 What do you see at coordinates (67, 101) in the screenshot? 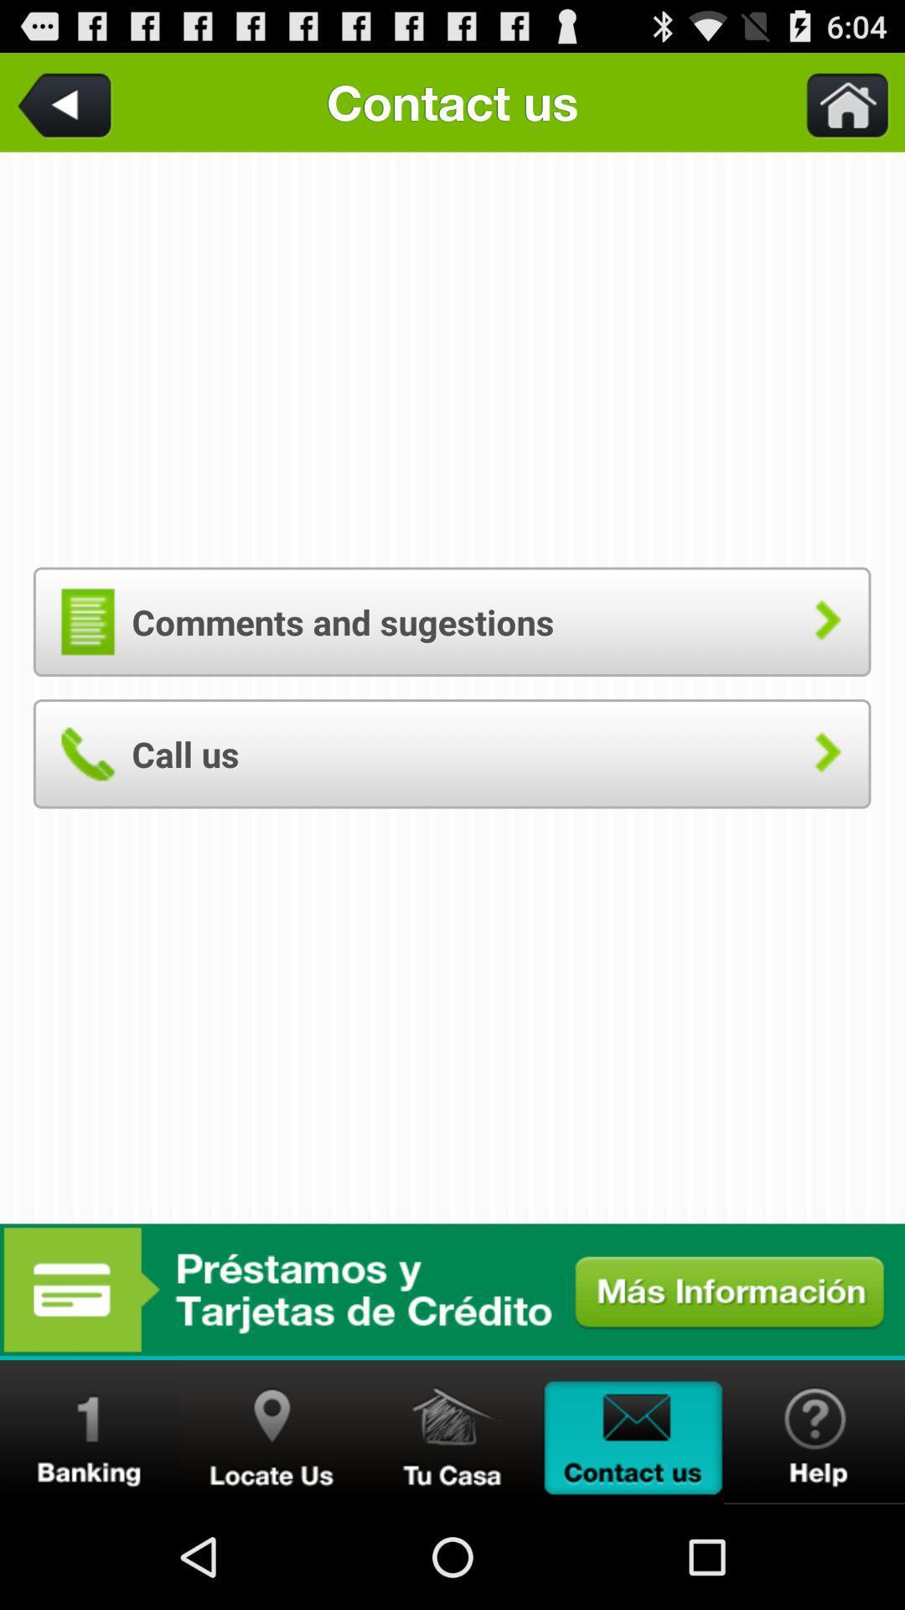
I see `go back` at bounding box center [67, 101].